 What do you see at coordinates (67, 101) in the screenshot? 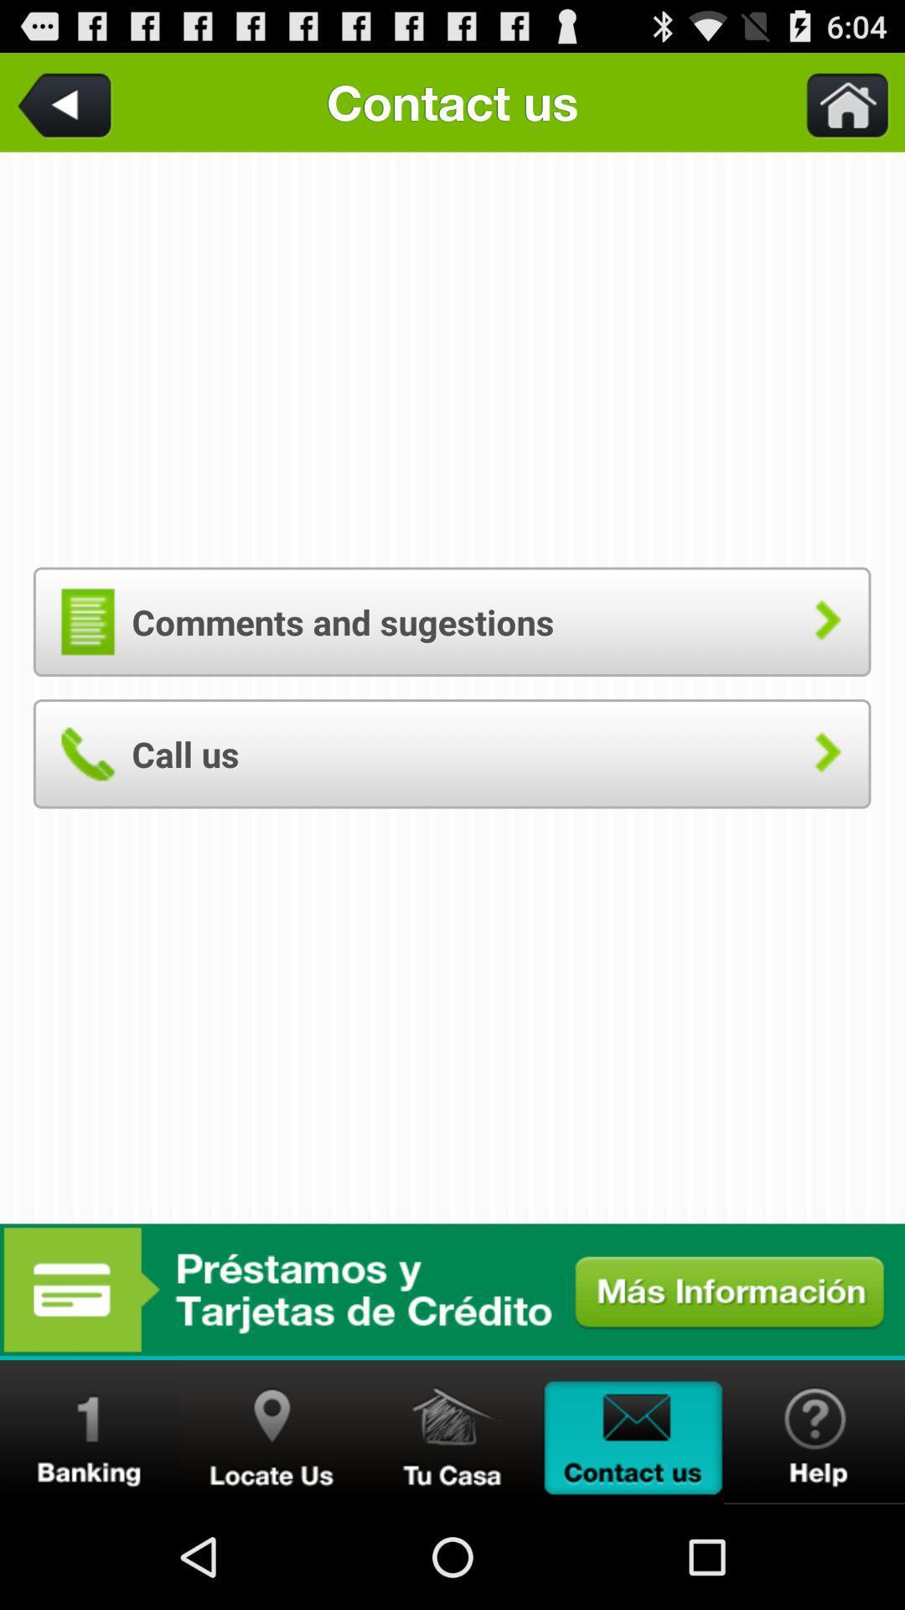
I see `go back` at bounding box center [67, 101].